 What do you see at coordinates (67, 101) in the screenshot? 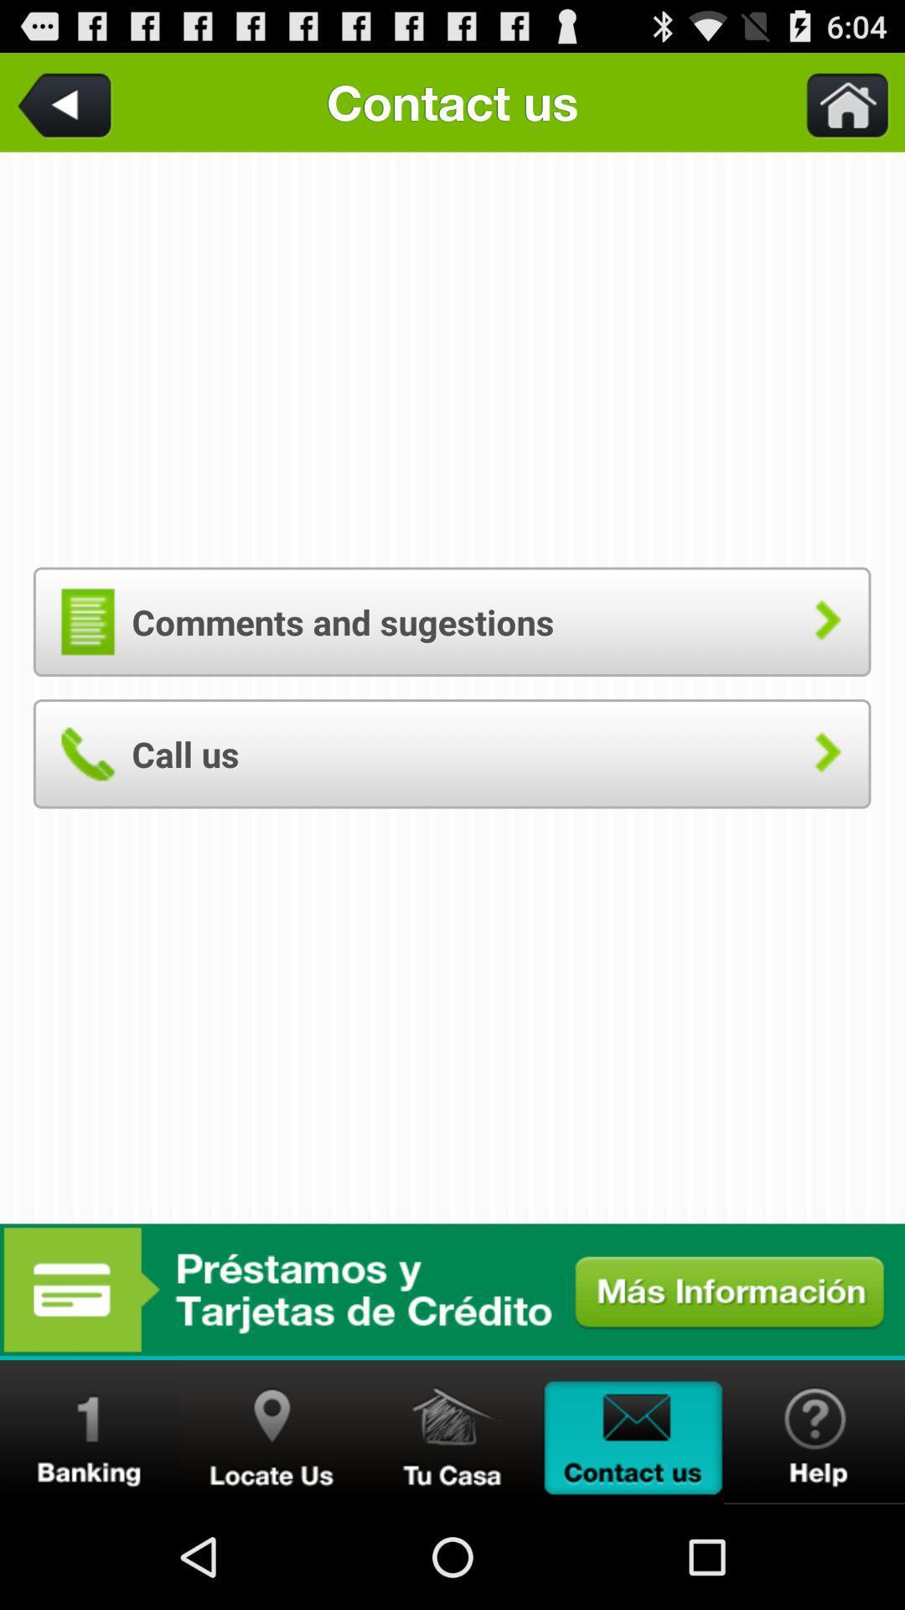
I see `go back` at bounding box center [67, 101].